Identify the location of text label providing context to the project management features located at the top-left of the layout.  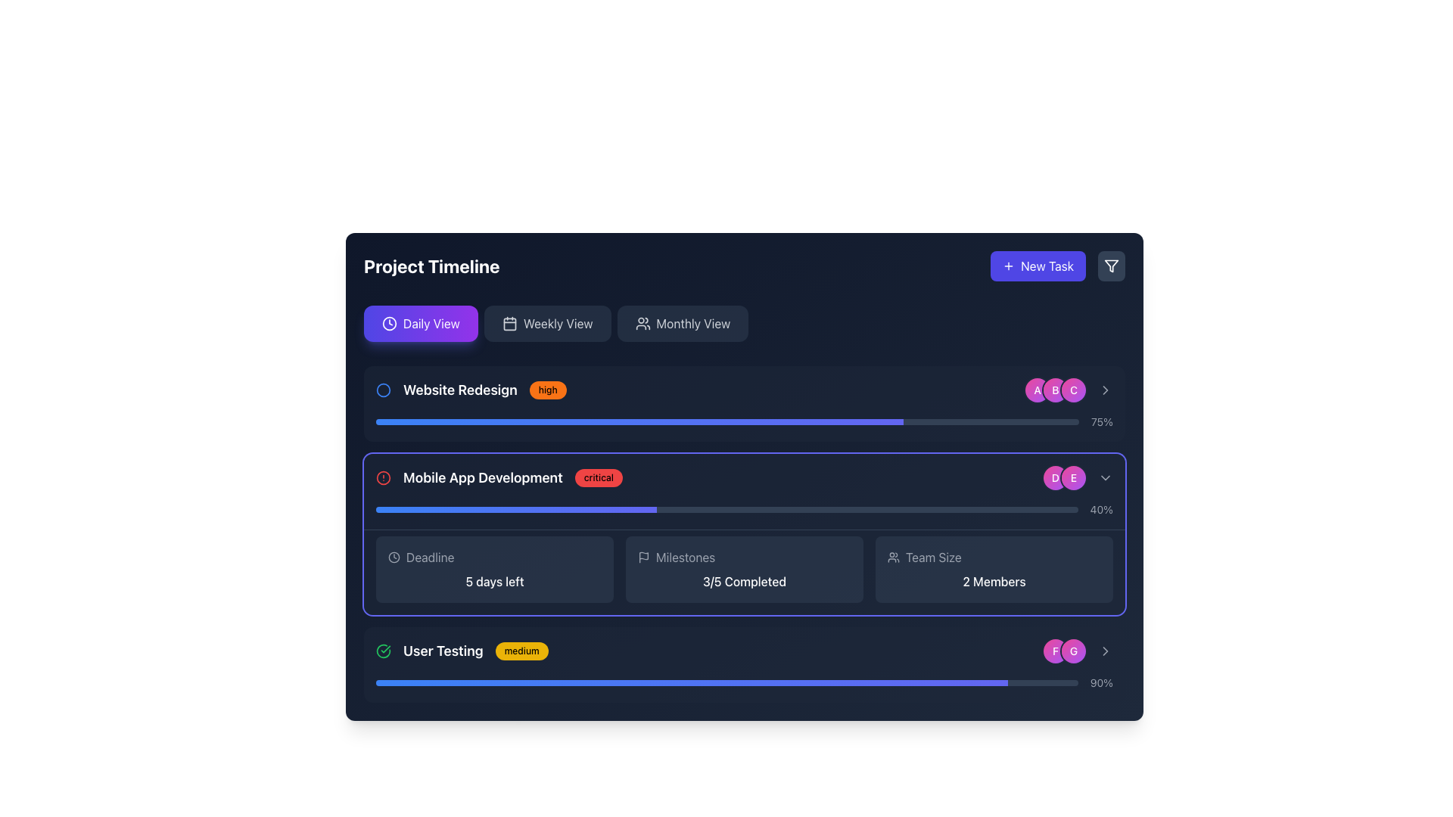
(431, 265).